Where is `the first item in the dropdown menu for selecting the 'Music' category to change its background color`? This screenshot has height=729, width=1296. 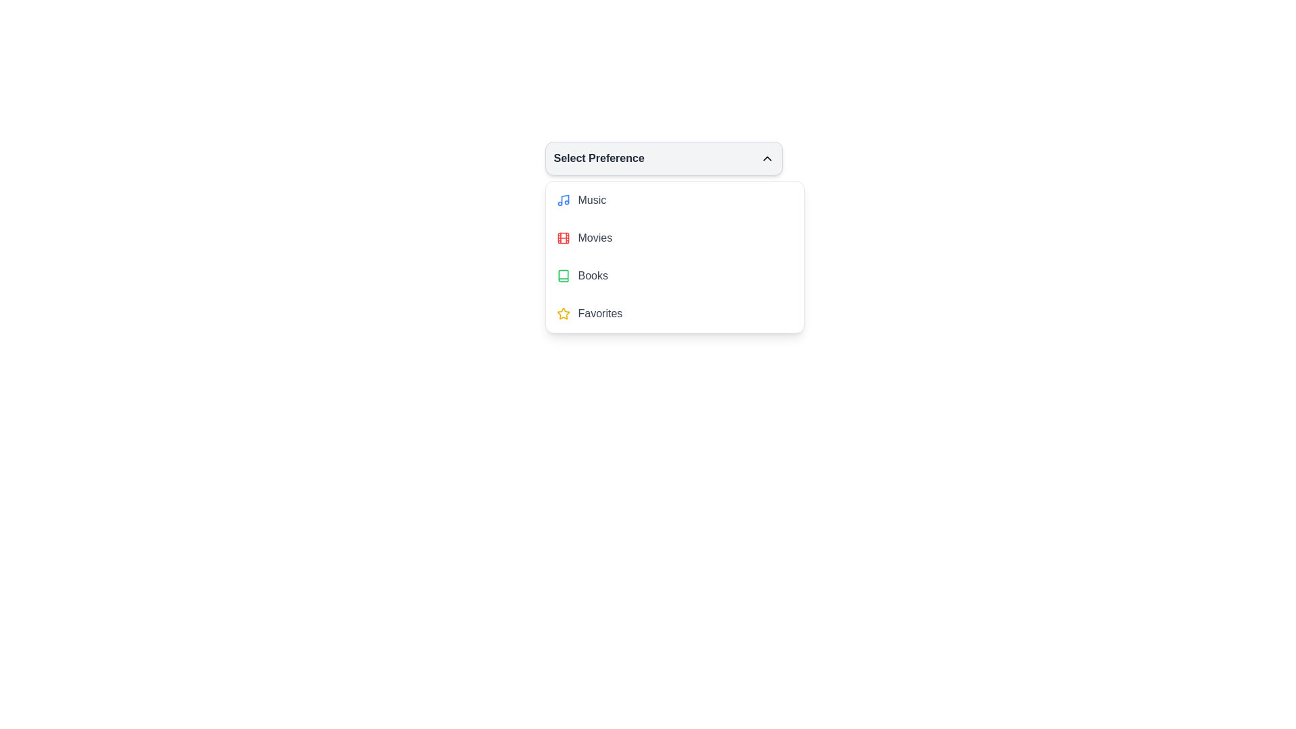 the first item in the dropdown menu for selecting the 'Music' category to change its background color is located at coordinates (674, 200).